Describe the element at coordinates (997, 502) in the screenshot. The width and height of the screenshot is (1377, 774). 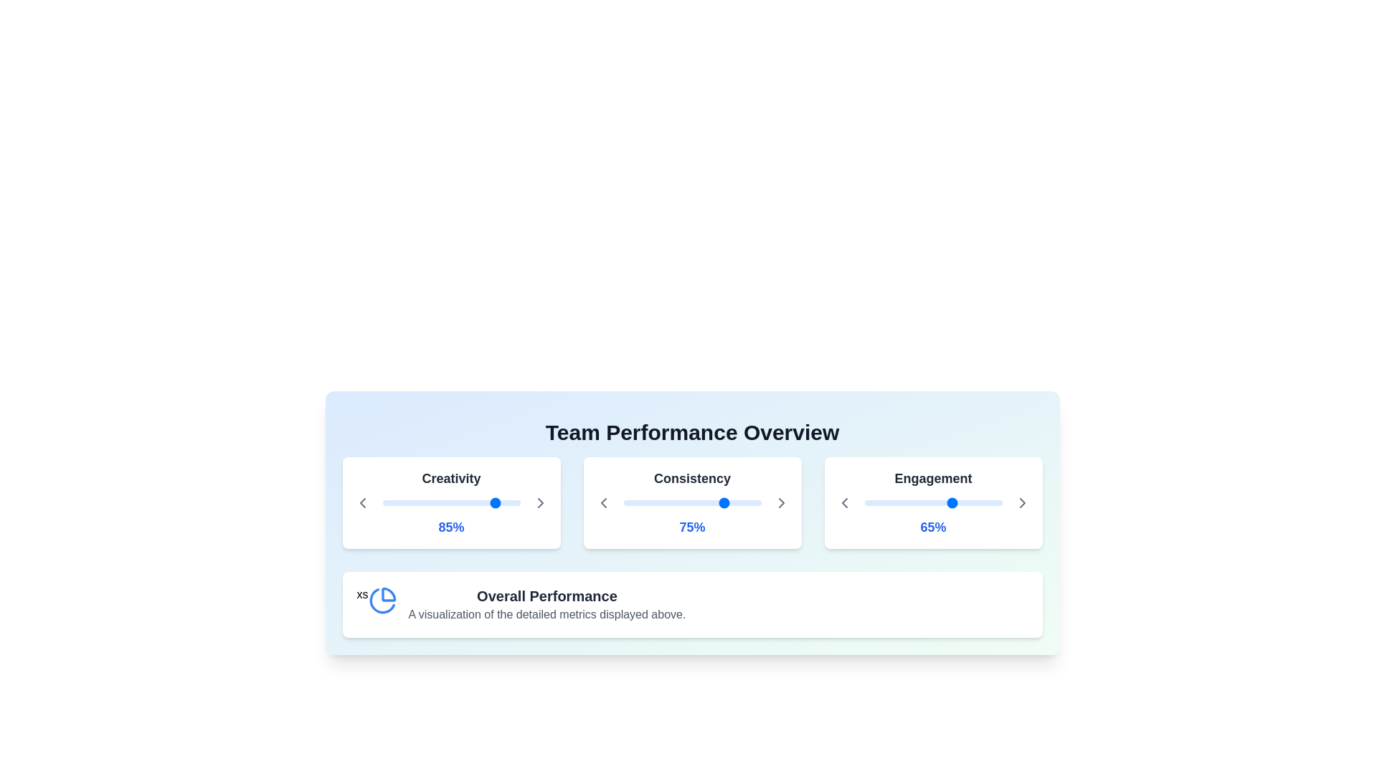
I see `engagement` at that location.